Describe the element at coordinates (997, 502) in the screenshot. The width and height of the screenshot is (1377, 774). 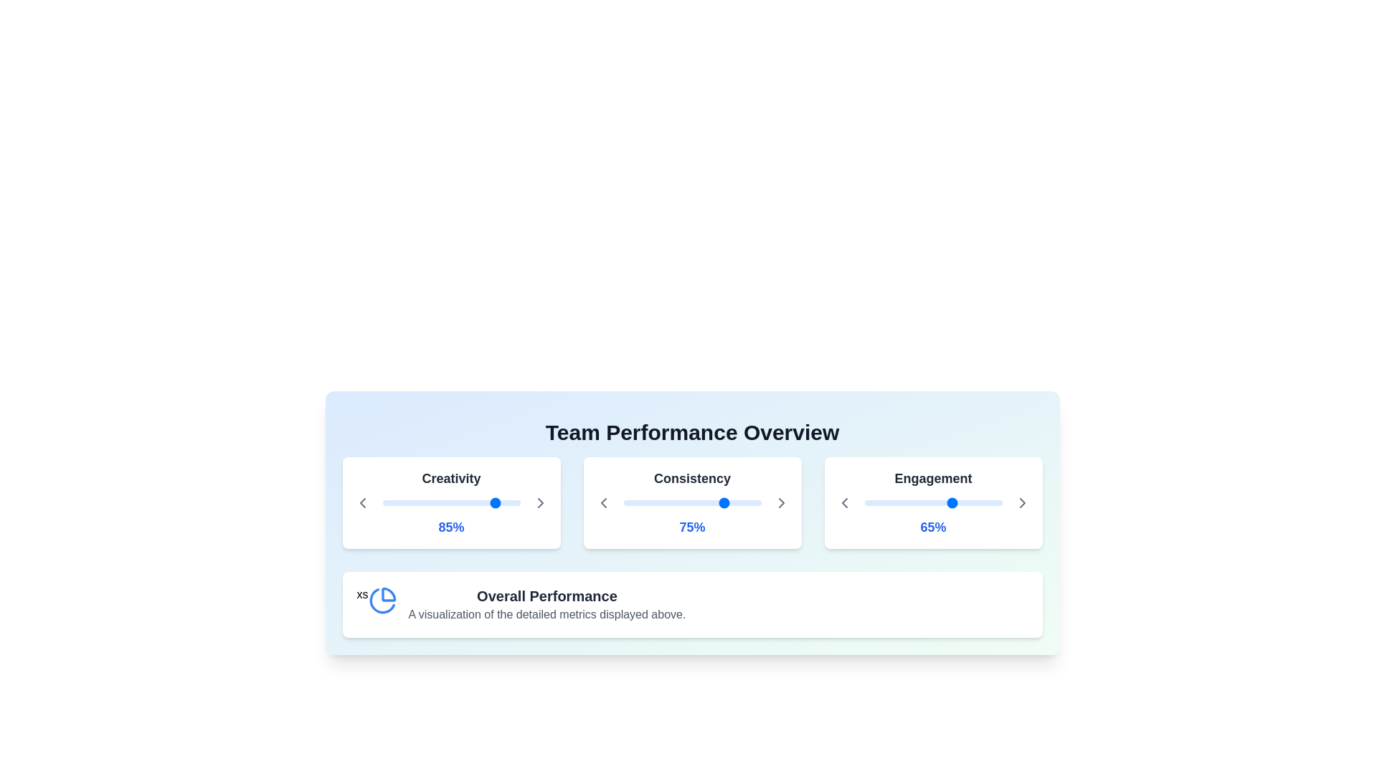
I see `engagement` at that location.